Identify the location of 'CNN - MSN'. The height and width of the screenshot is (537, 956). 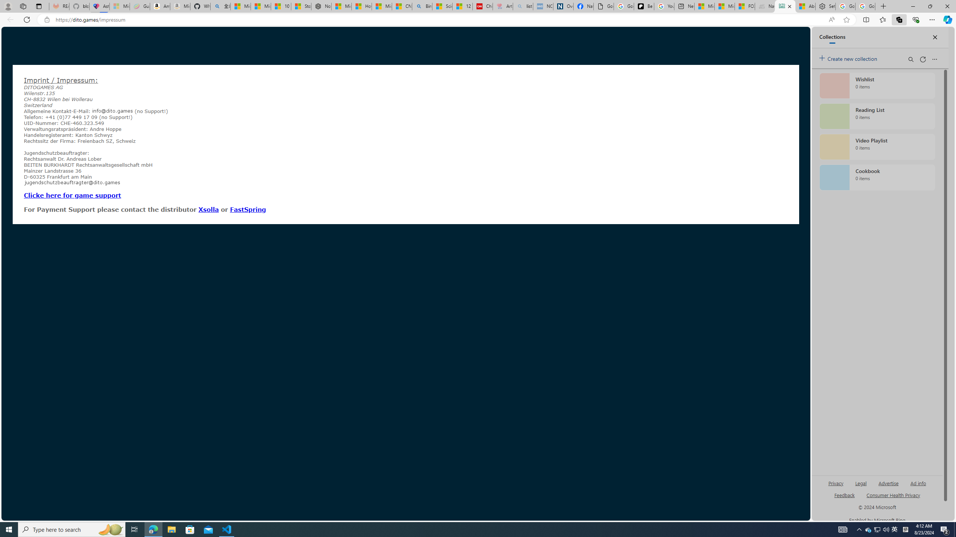
(402, 6).